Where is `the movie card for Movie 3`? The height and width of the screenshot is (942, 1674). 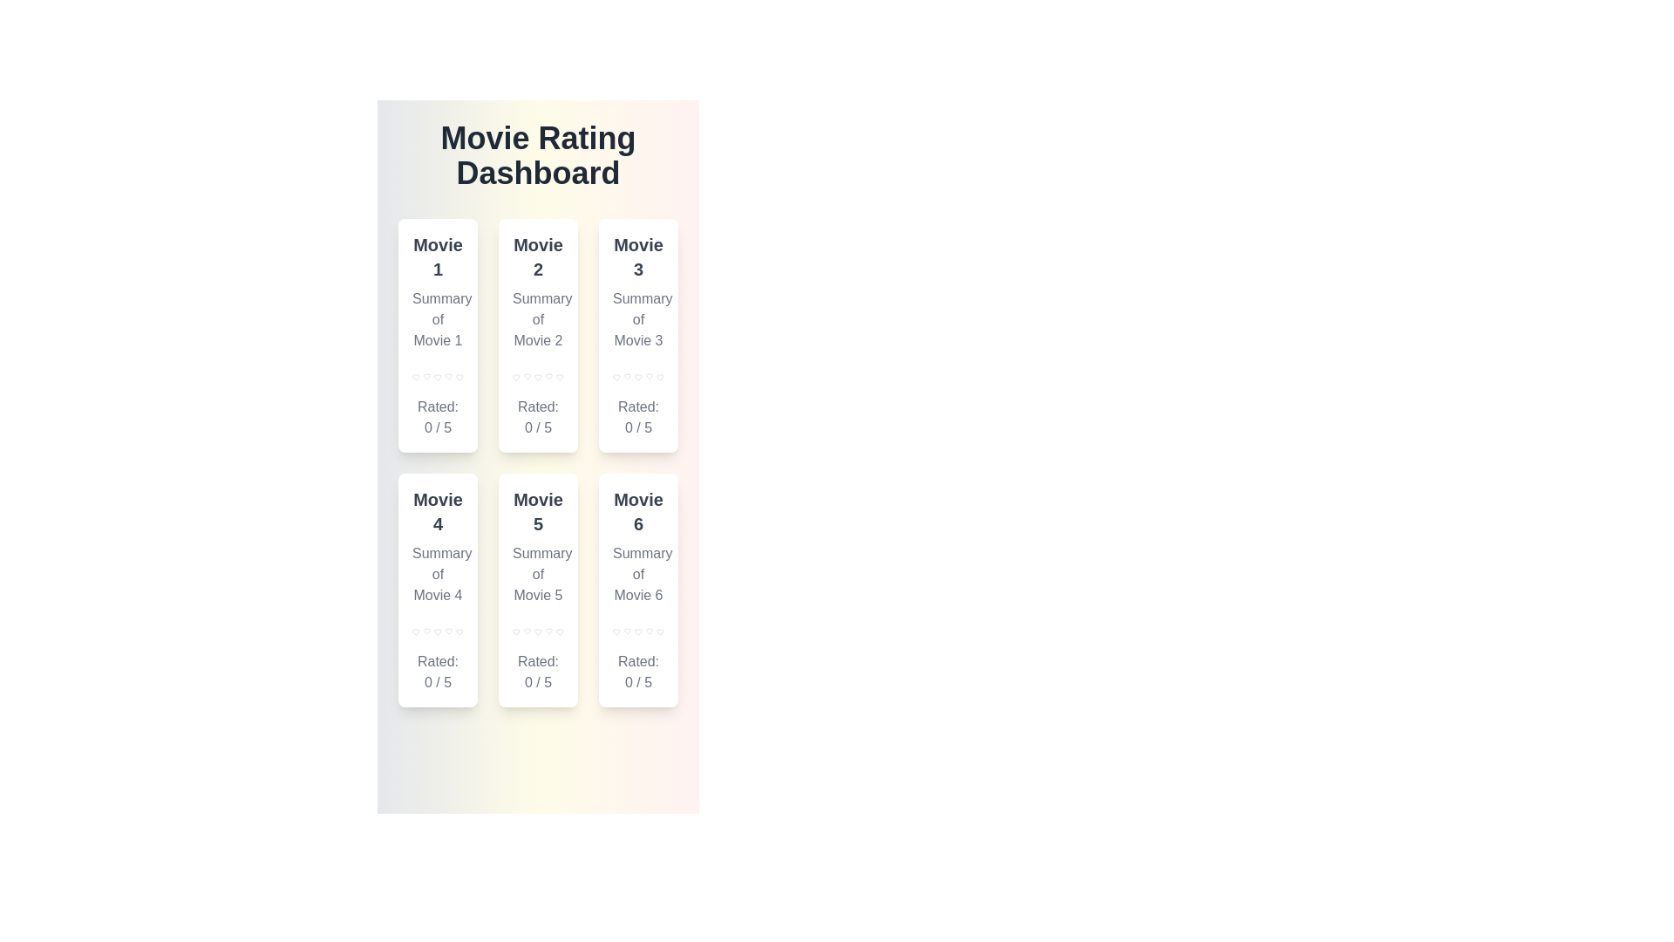 the movie card for Movie 3 is located at coordinates (637, 336).